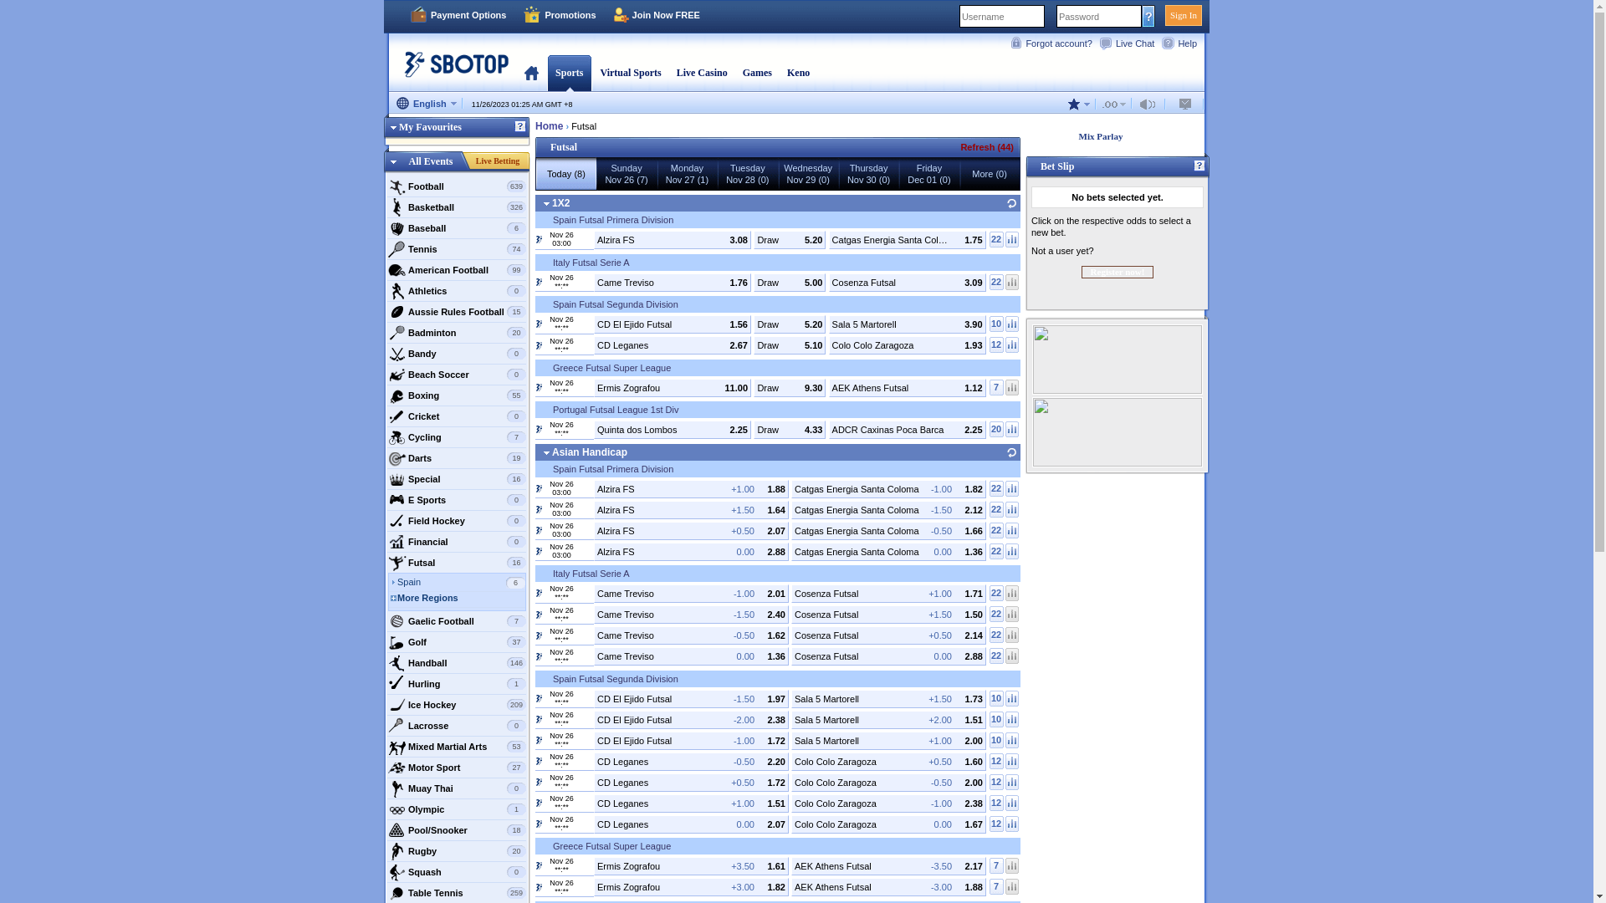  What do you see at coordinates (457, 228) in the screenshot?
I see `'Baseball` at bounding box center [457, 228].